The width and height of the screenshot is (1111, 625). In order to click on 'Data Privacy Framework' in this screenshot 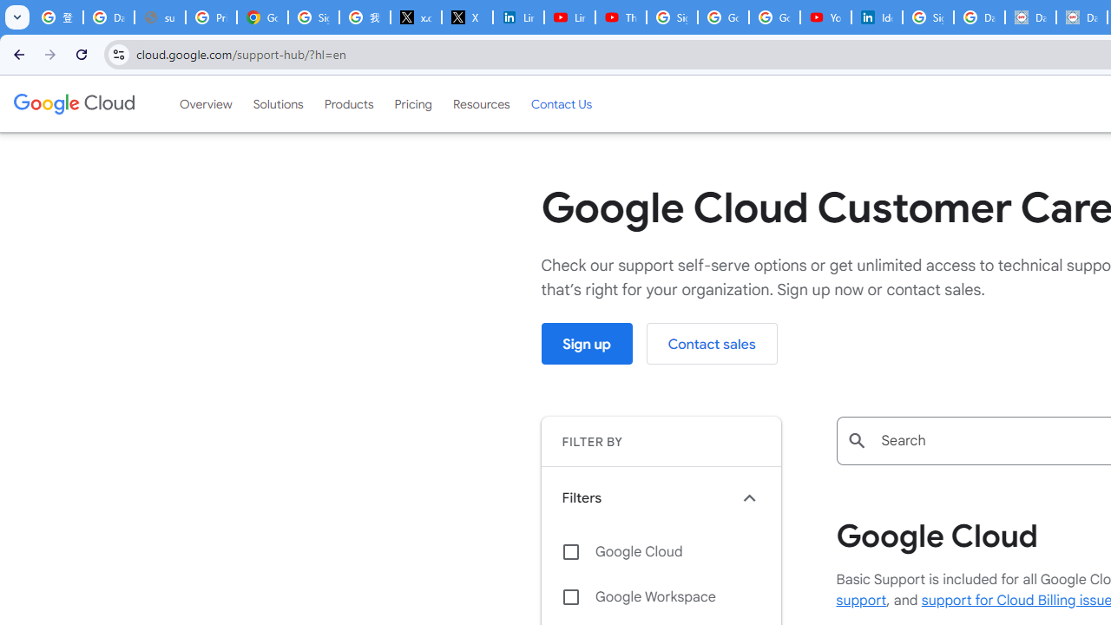, I will do `click(1030, 17)`.